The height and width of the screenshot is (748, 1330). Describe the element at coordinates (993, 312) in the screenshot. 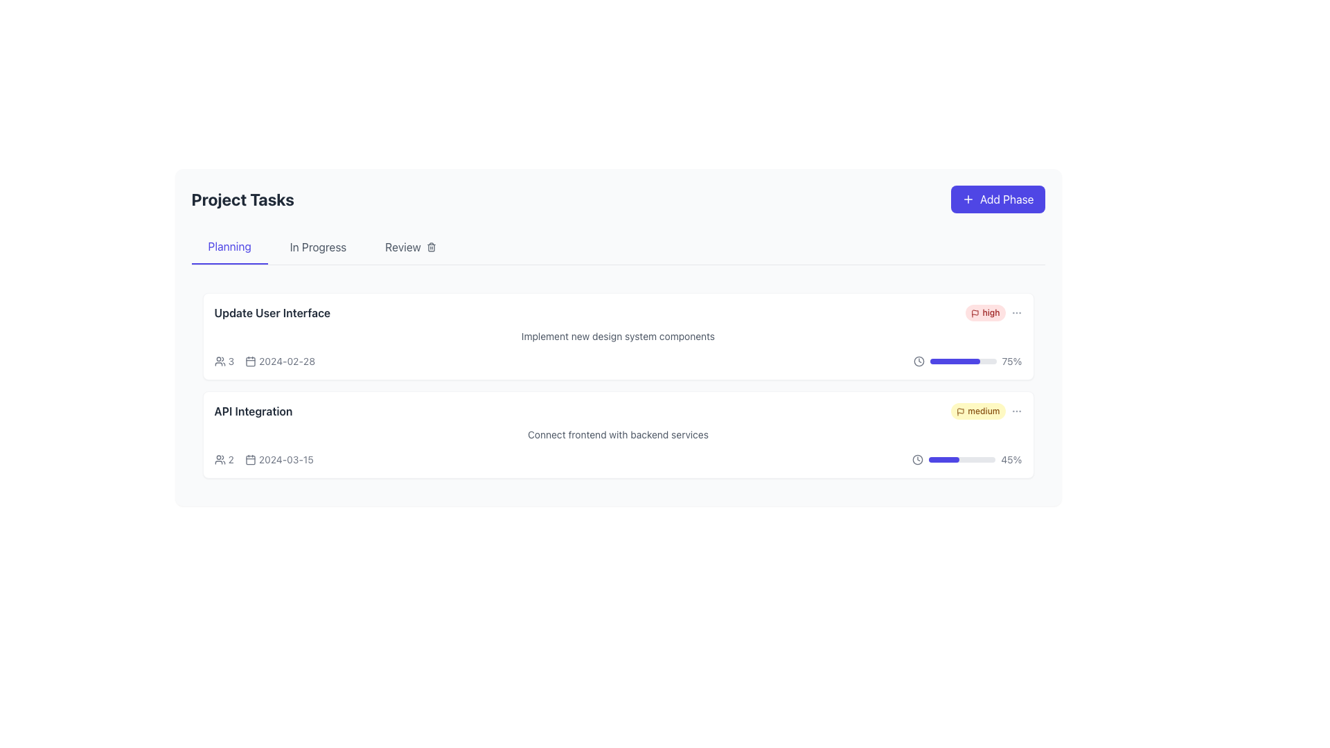

I see `the Keyword label displaying 'high' with an adjacent flag icon, located within the task 'Update User Interface'` at that location.